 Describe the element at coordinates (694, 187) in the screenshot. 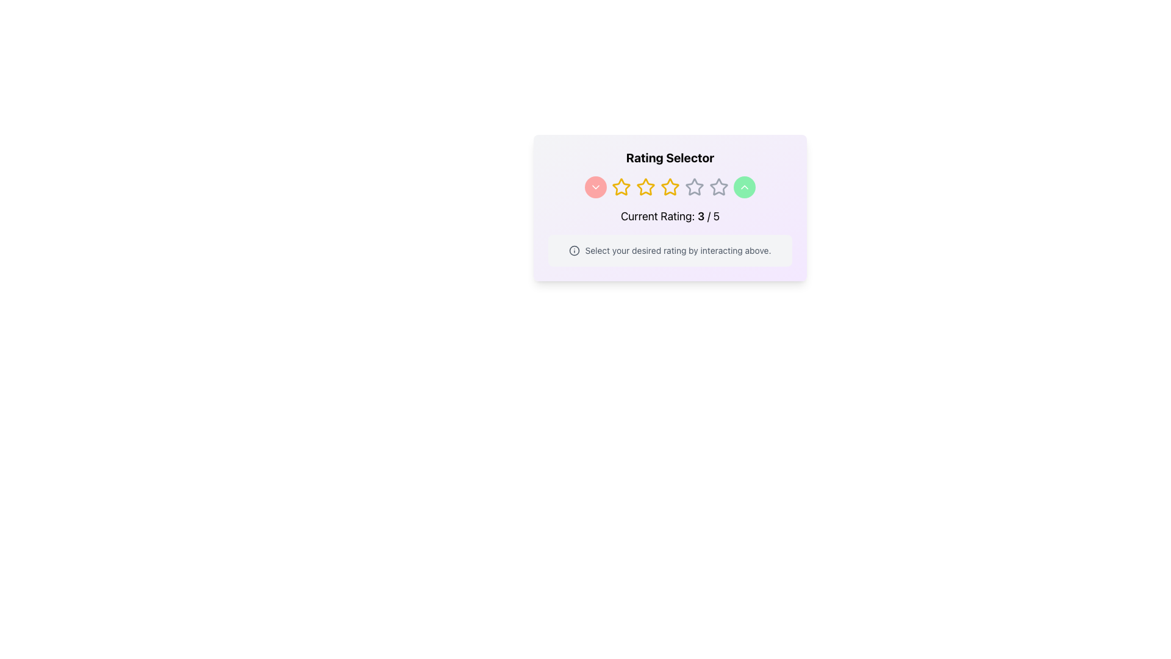

I see `the third star in the rating system` at that location.